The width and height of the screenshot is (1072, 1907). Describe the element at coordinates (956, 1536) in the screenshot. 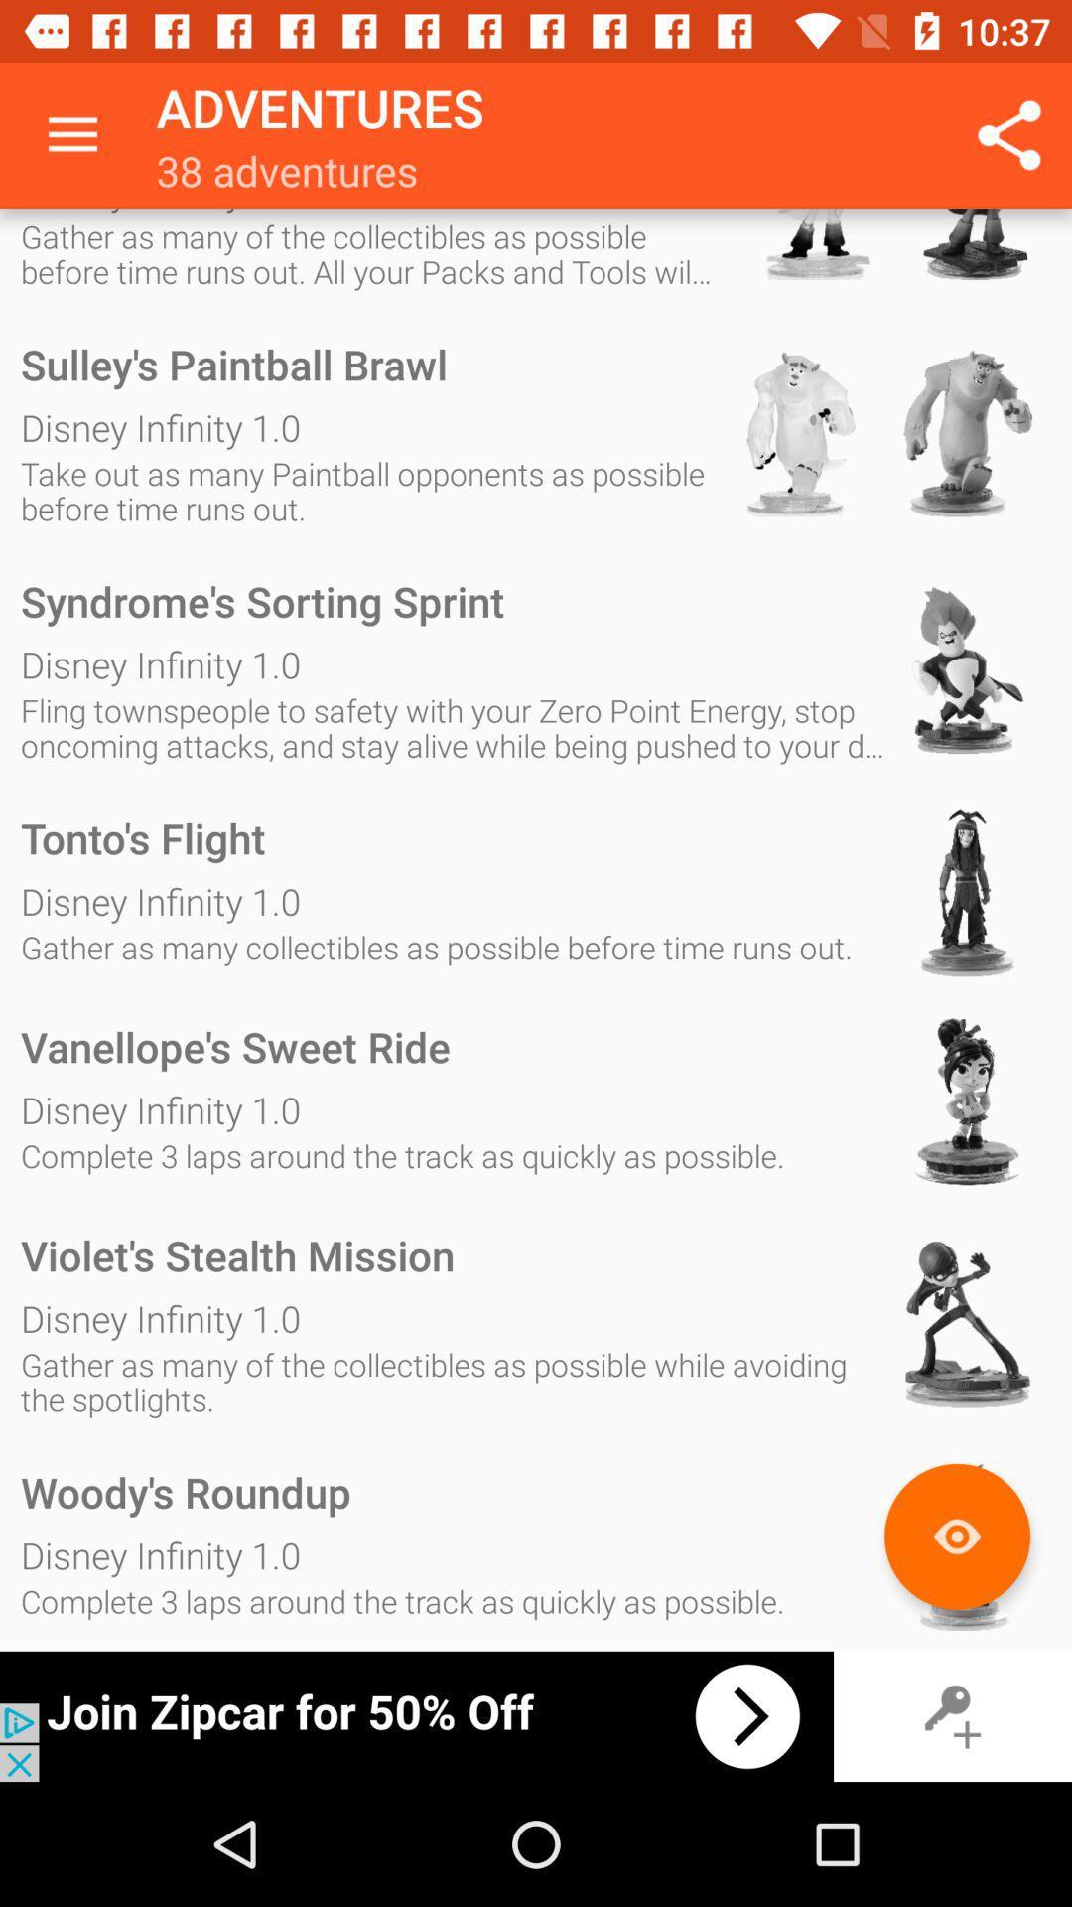

I see `the visibility icon` at that location.